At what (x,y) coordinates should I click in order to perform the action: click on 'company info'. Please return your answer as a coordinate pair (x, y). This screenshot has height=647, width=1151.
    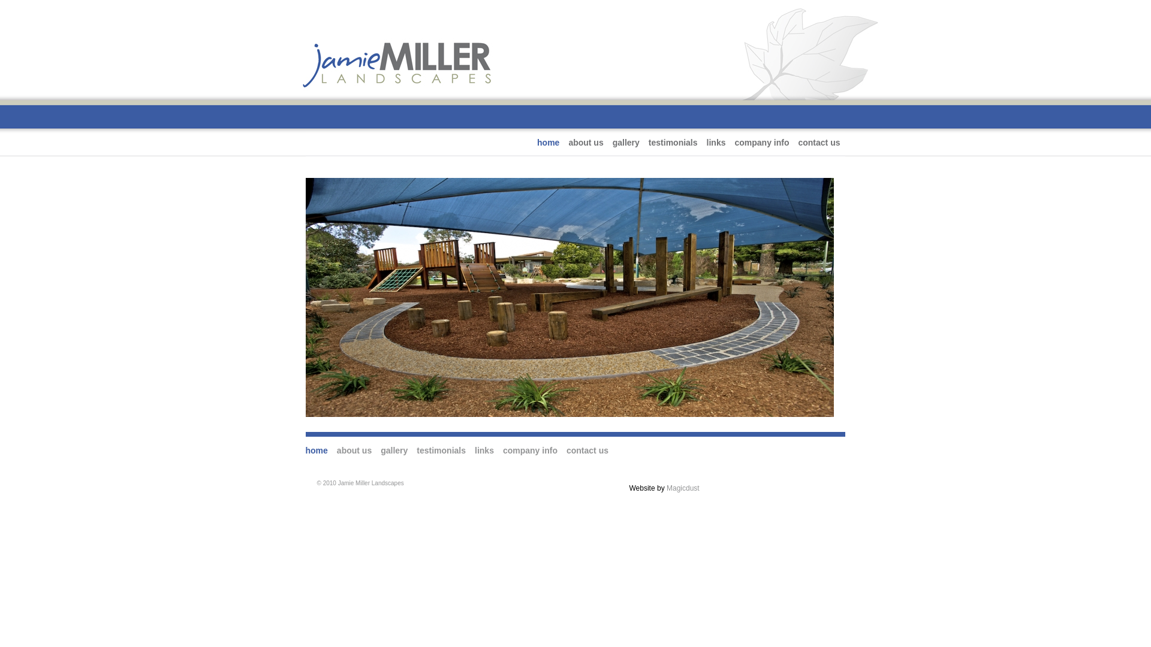
    Looking at the image, I should click on (761, 142).